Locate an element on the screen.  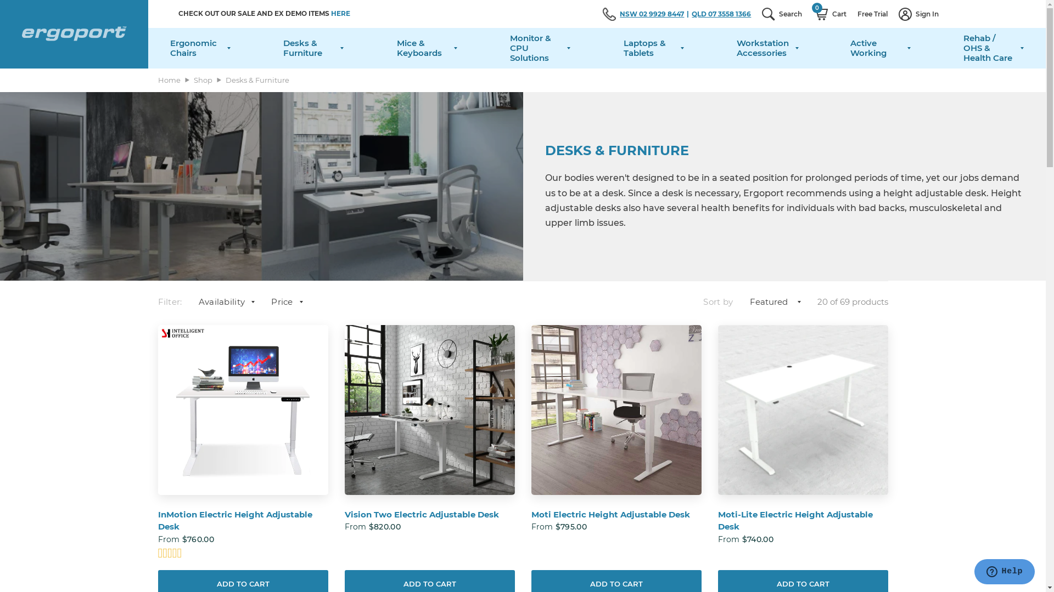
'HERE' is located at coordinates (330, 13).